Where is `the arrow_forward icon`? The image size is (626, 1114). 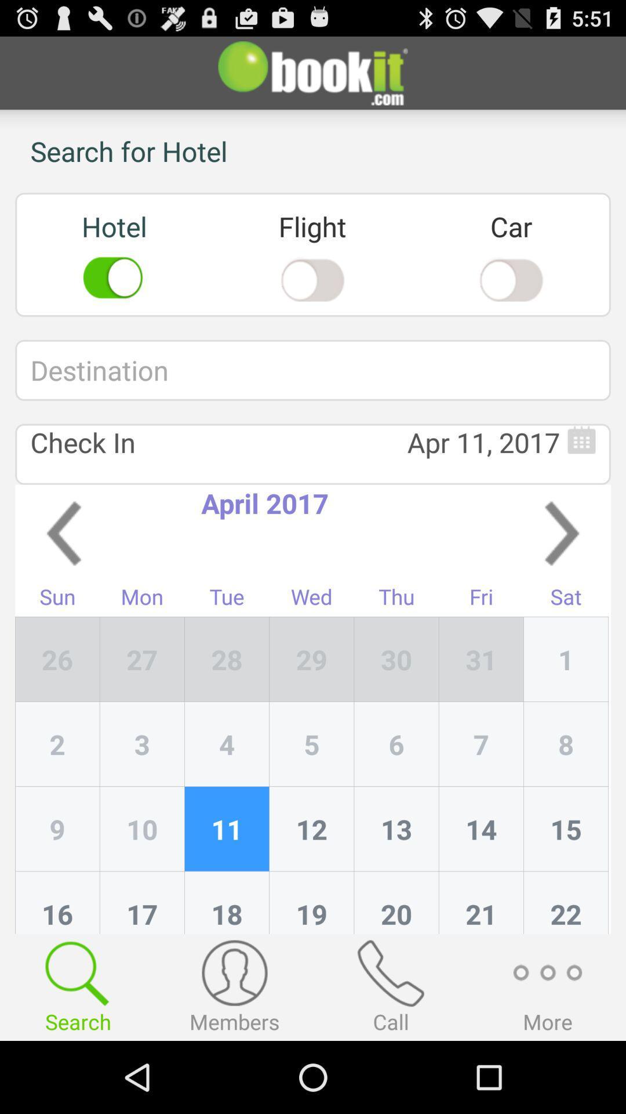
the arrow_forward icon is located at coordinates (561, 570).